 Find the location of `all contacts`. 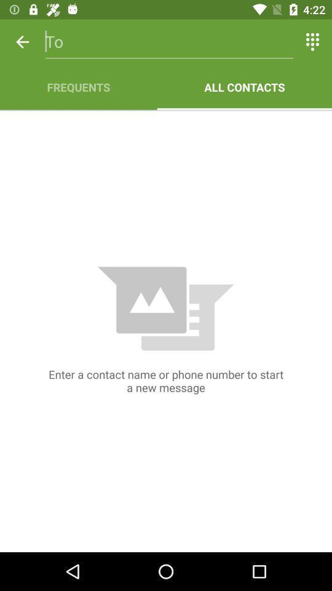

all contacts is located at coordinates (244, 86).